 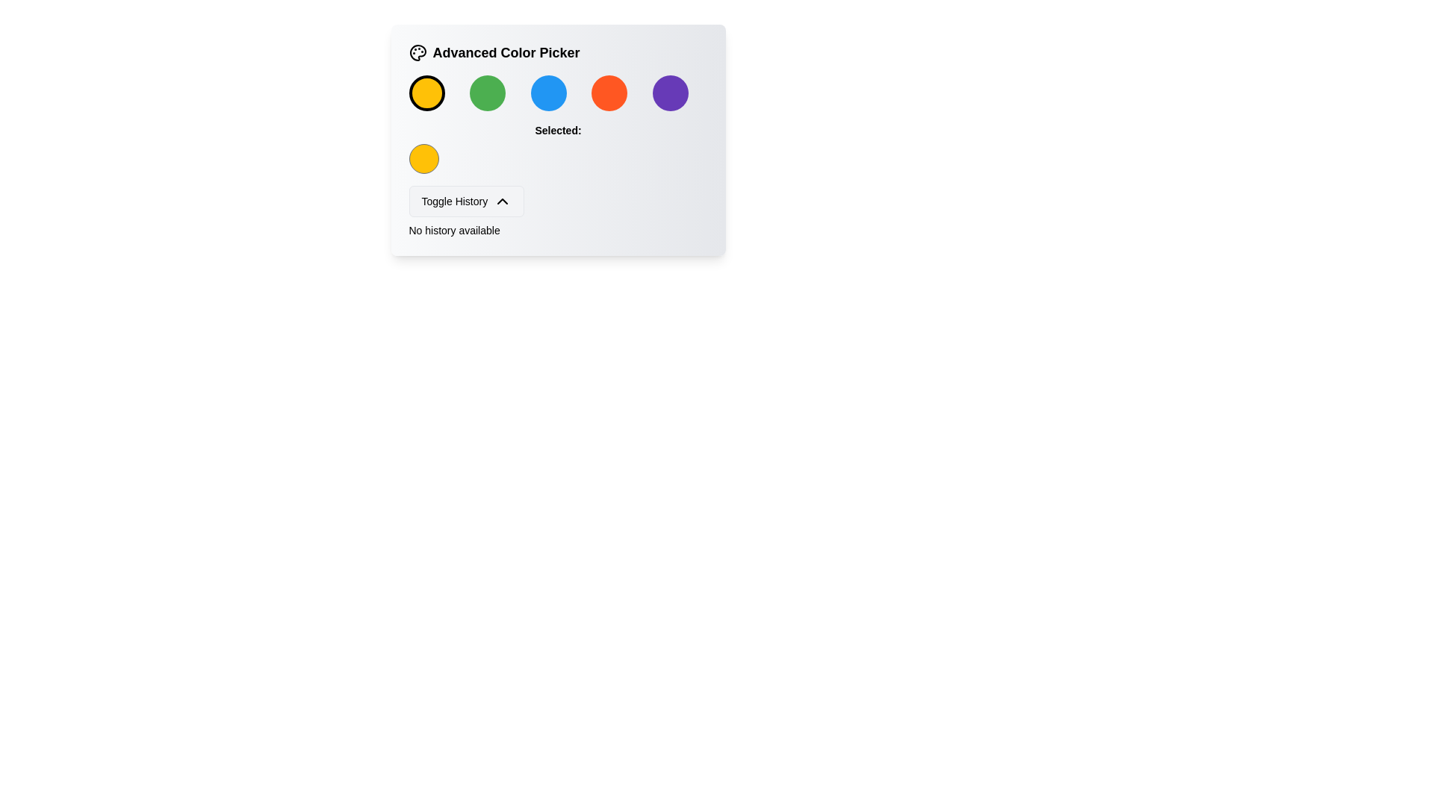 What do you see at coordinates (557, 93) in the screenshot?
I see `the third circular color selection button with a blue background` at bounding box center [557, 93].